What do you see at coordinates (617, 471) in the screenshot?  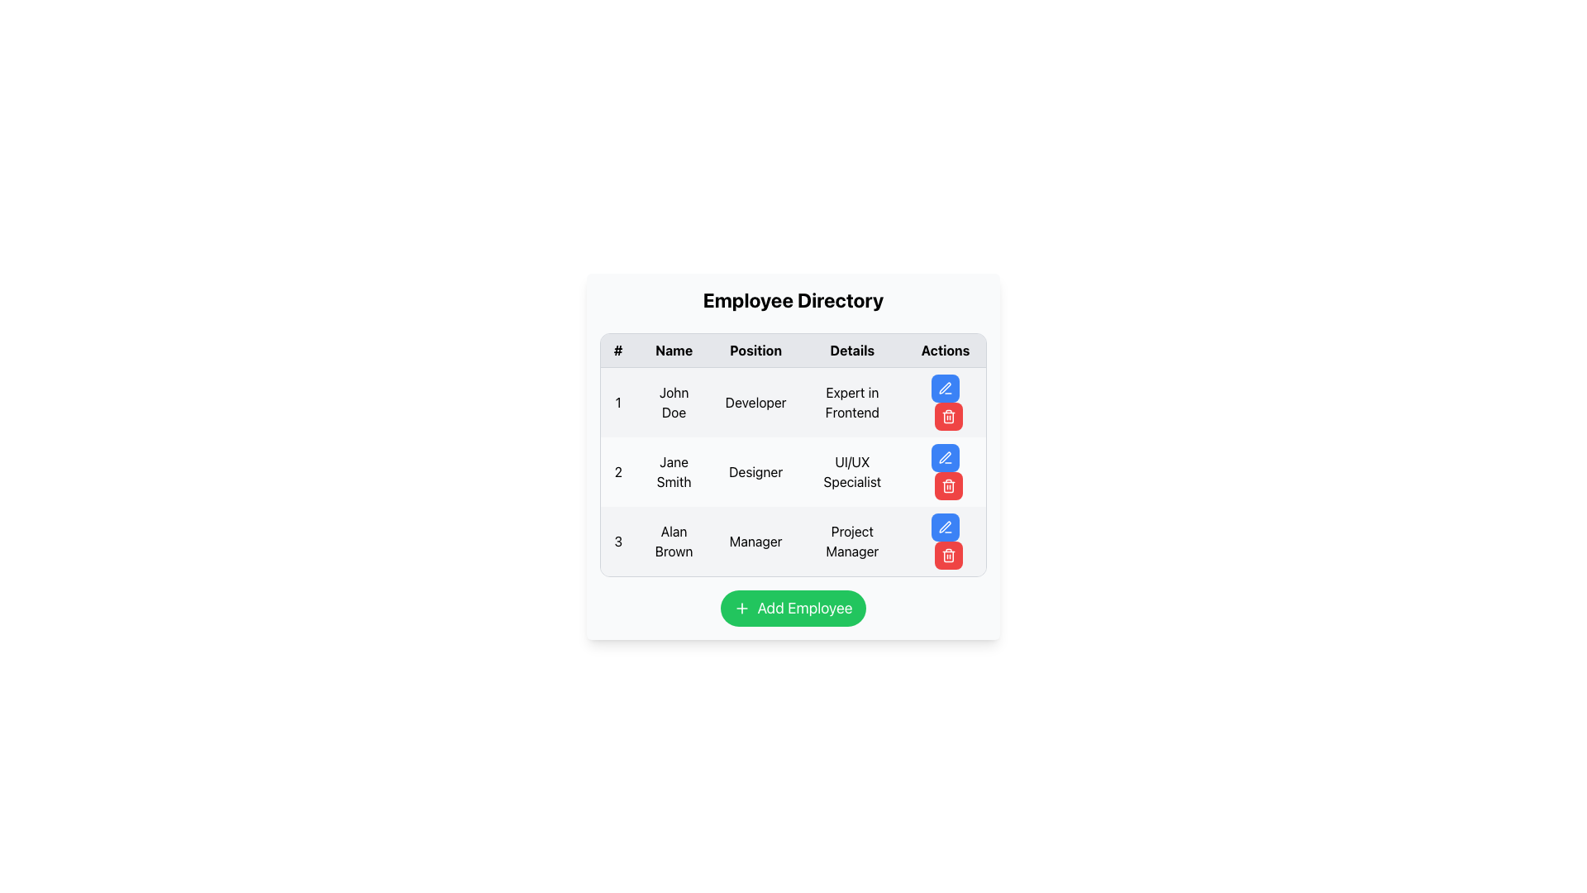 I see `the bold black text number '2' in the leftmost column of the Employee Directory table, which represents the row number for 'Jane Smith'` at bounding box center [617, 471].